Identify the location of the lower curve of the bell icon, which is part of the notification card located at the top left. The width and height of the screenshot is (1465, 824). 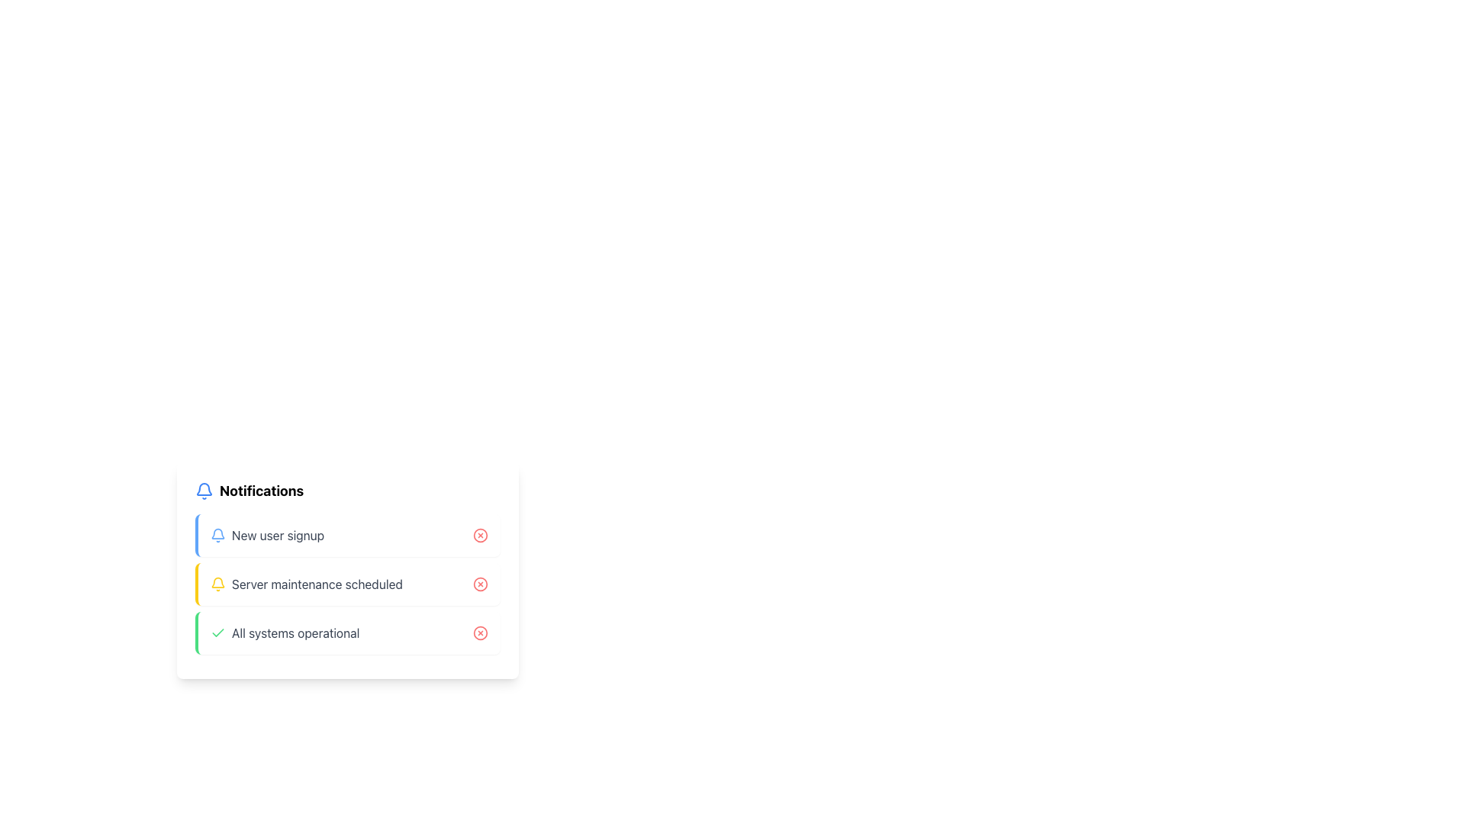
(204, 489).